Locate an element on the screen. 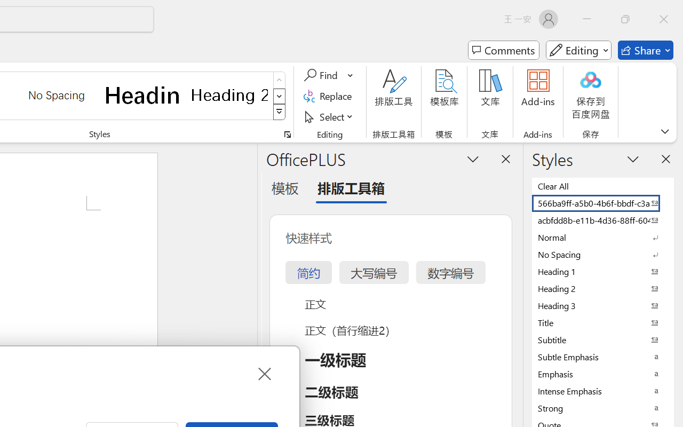 This screenshot has height=427, width=683. 'Task Pane Options' is located at coordinates (473, 159).